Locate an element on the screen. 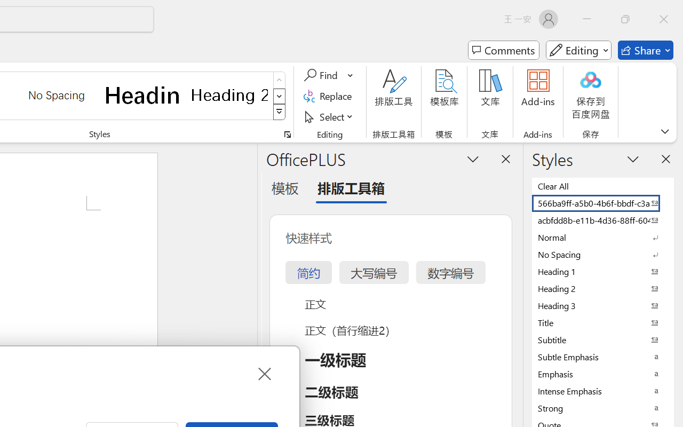 This screenshot has height=427, width=683. 'Task Pane Options' is located at coordinates (473, 159).